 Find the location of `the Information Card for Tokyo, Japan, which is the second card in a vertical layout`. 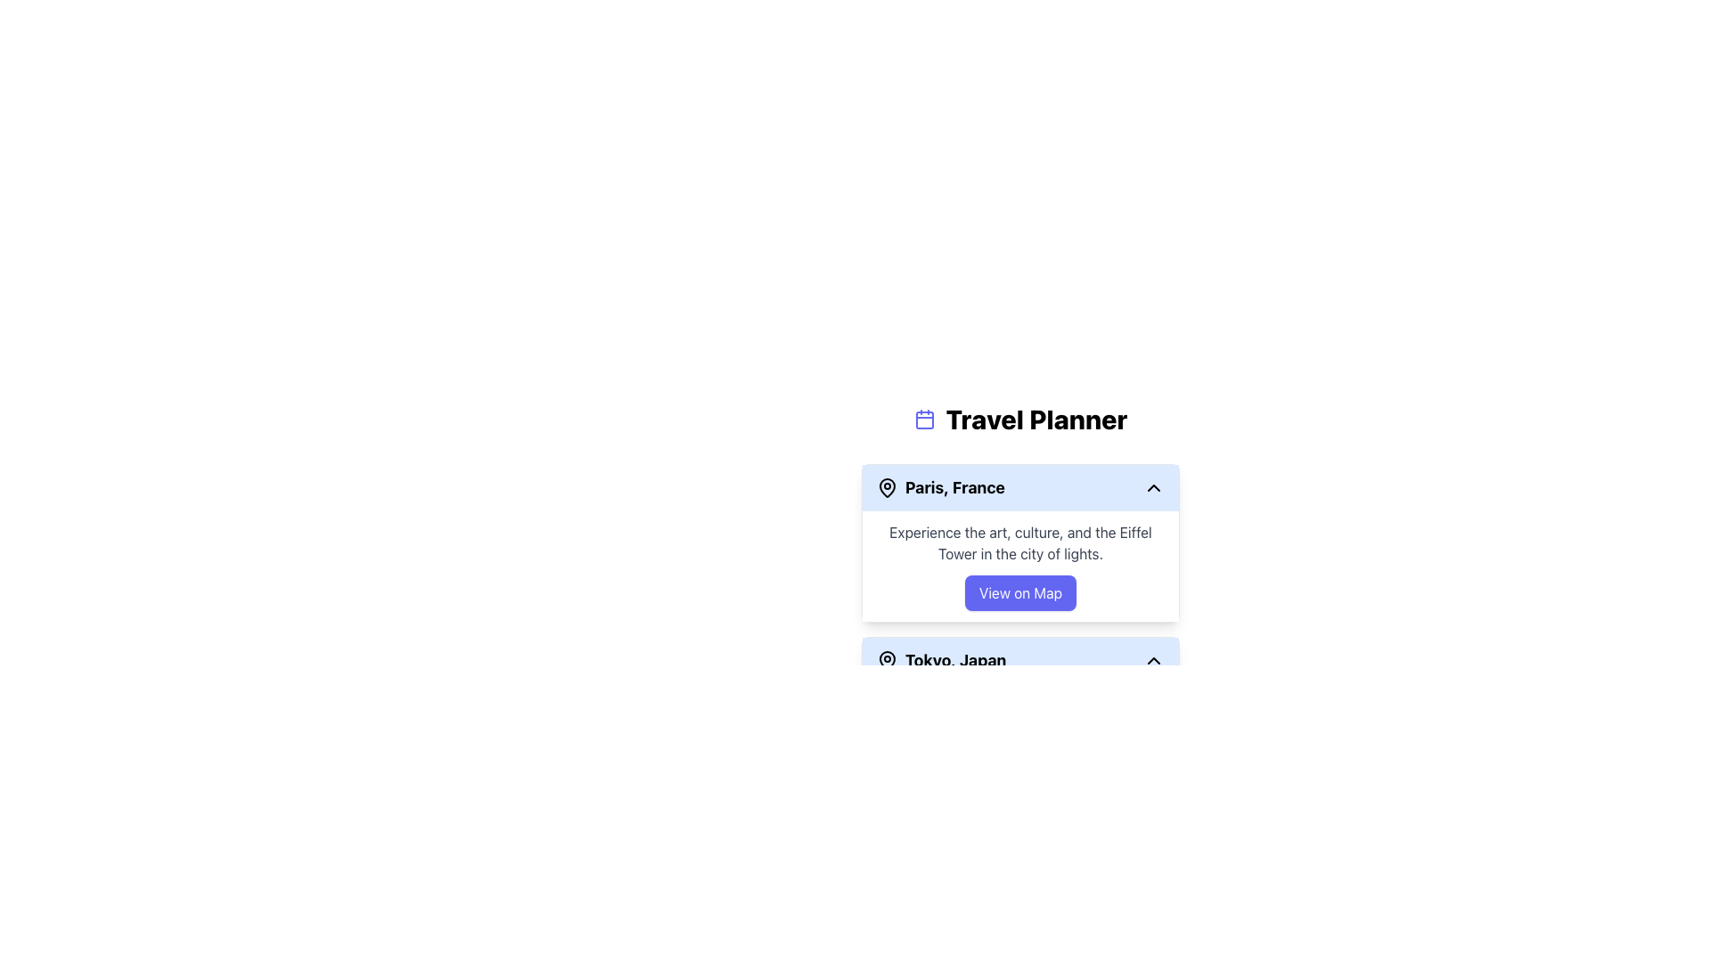

the Information Card for Tokyo, Japan, which is the second card in a vertical layout is located at coordinates (1020, 714).